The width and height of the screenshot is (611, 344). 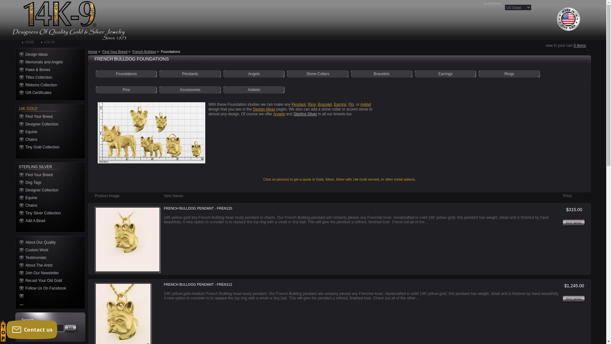 What do you see at coordinates (18, 280) in the screenshot?
I see `'Recast Your Old Gold'` at bounding box center [18, 280].